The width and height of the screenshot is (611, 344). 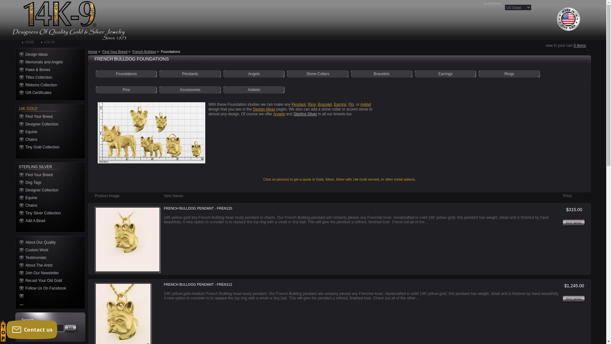 What do you see at coordinates (18, 280) in the screenshot?
I see `'Recast Your Old Gold'` at bounding box center [18, 280].